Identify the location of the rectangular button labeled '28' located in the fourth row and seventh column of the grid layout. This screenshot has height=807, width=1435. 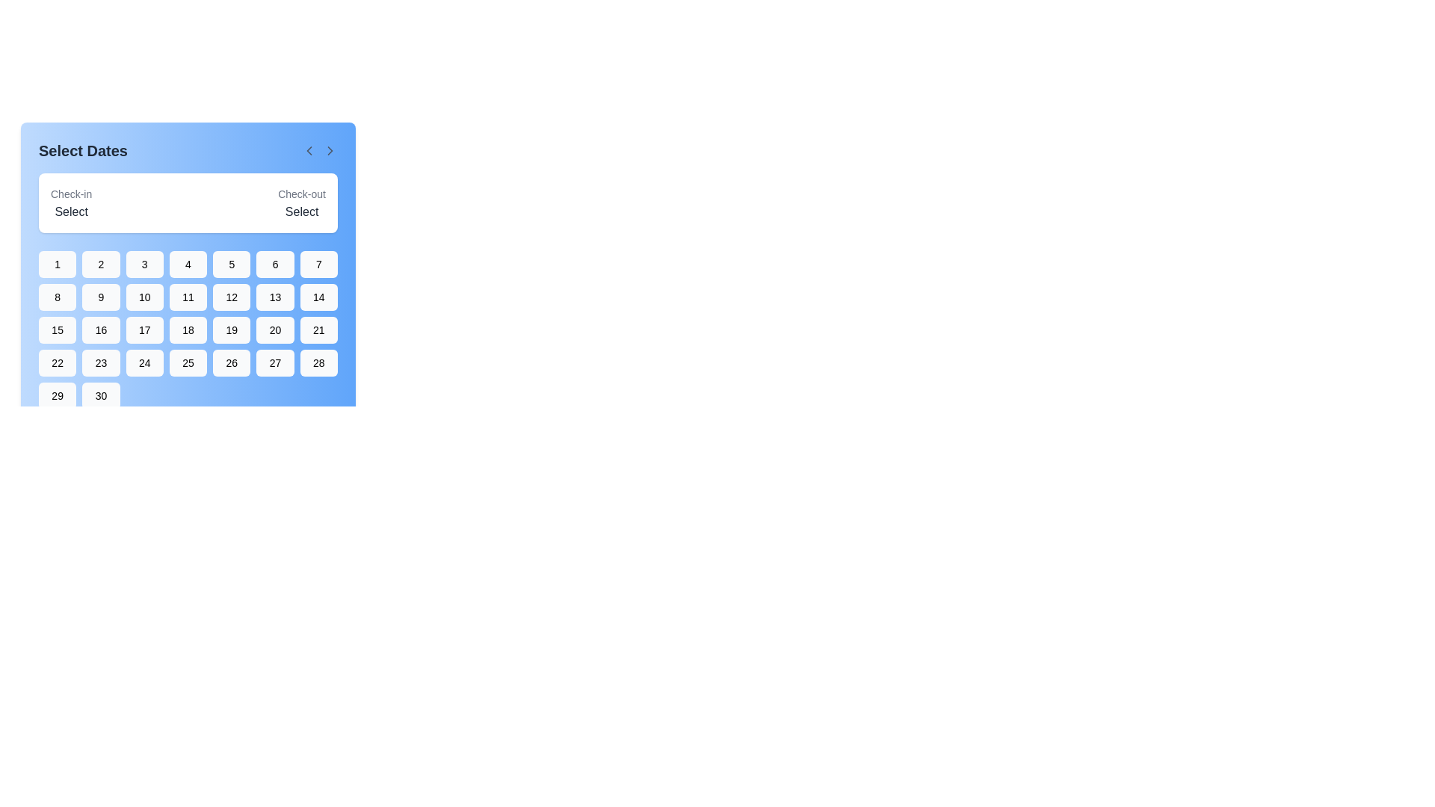
(318, 363).